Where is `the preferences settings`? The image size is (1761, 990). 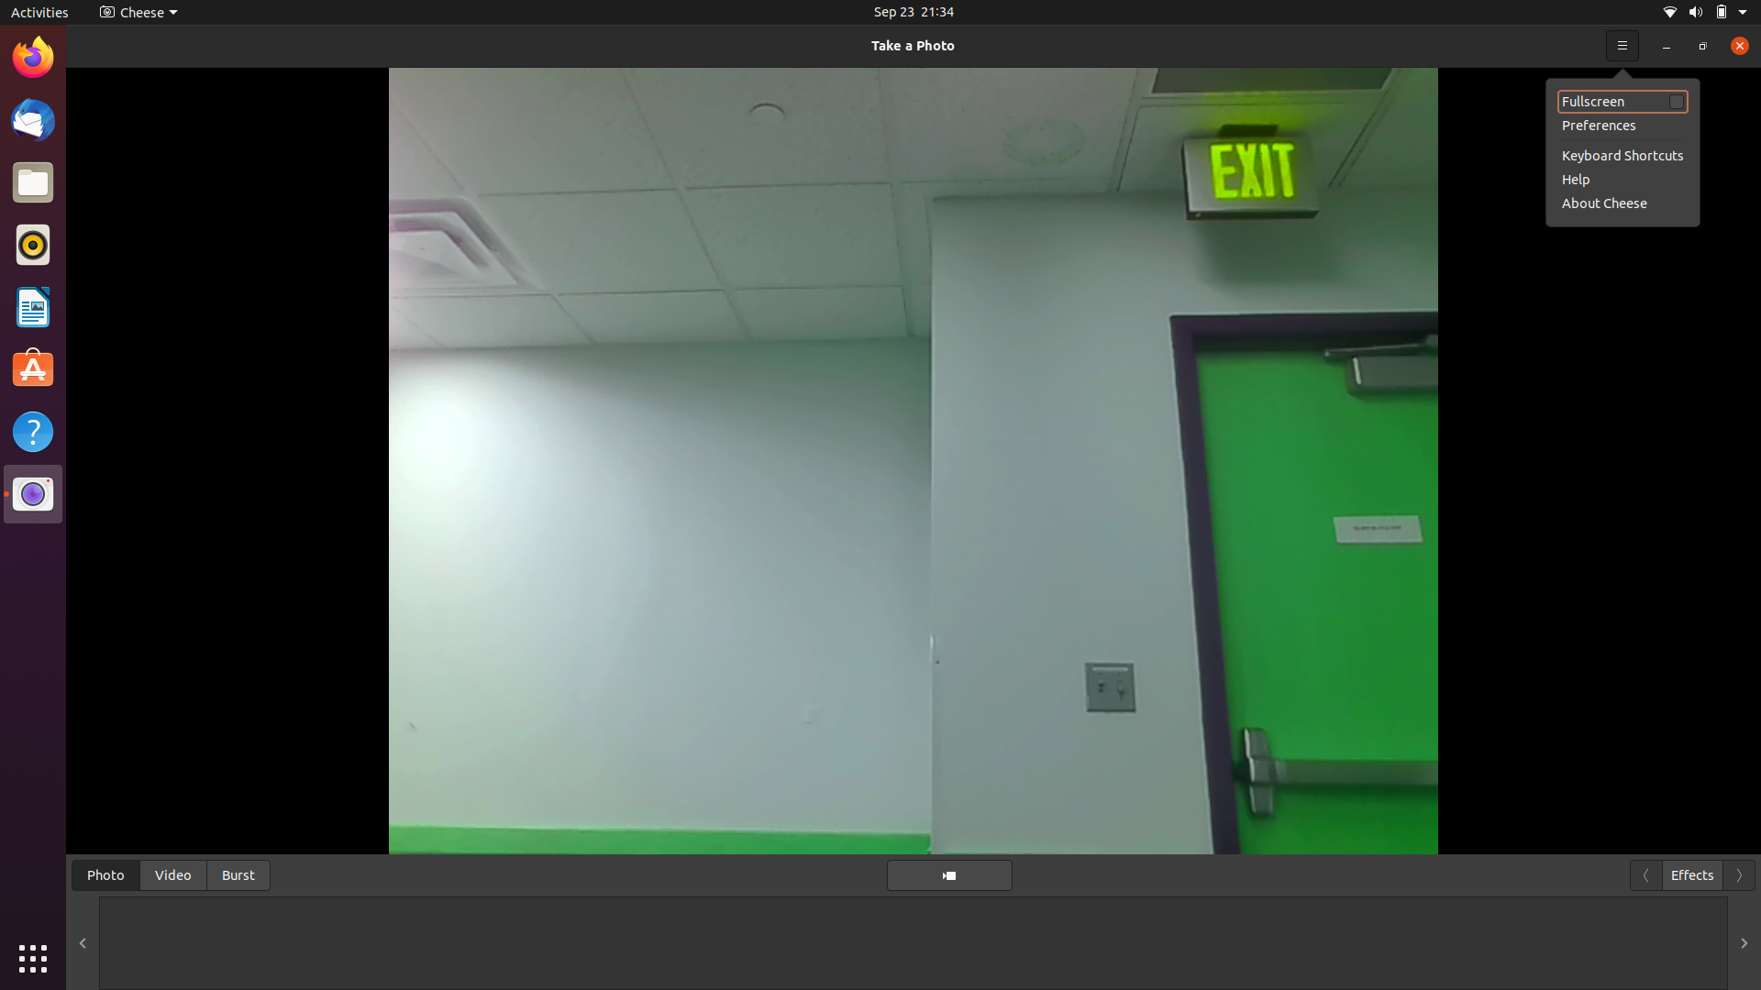
the preferences settings is located at coordinates (1622, 125).